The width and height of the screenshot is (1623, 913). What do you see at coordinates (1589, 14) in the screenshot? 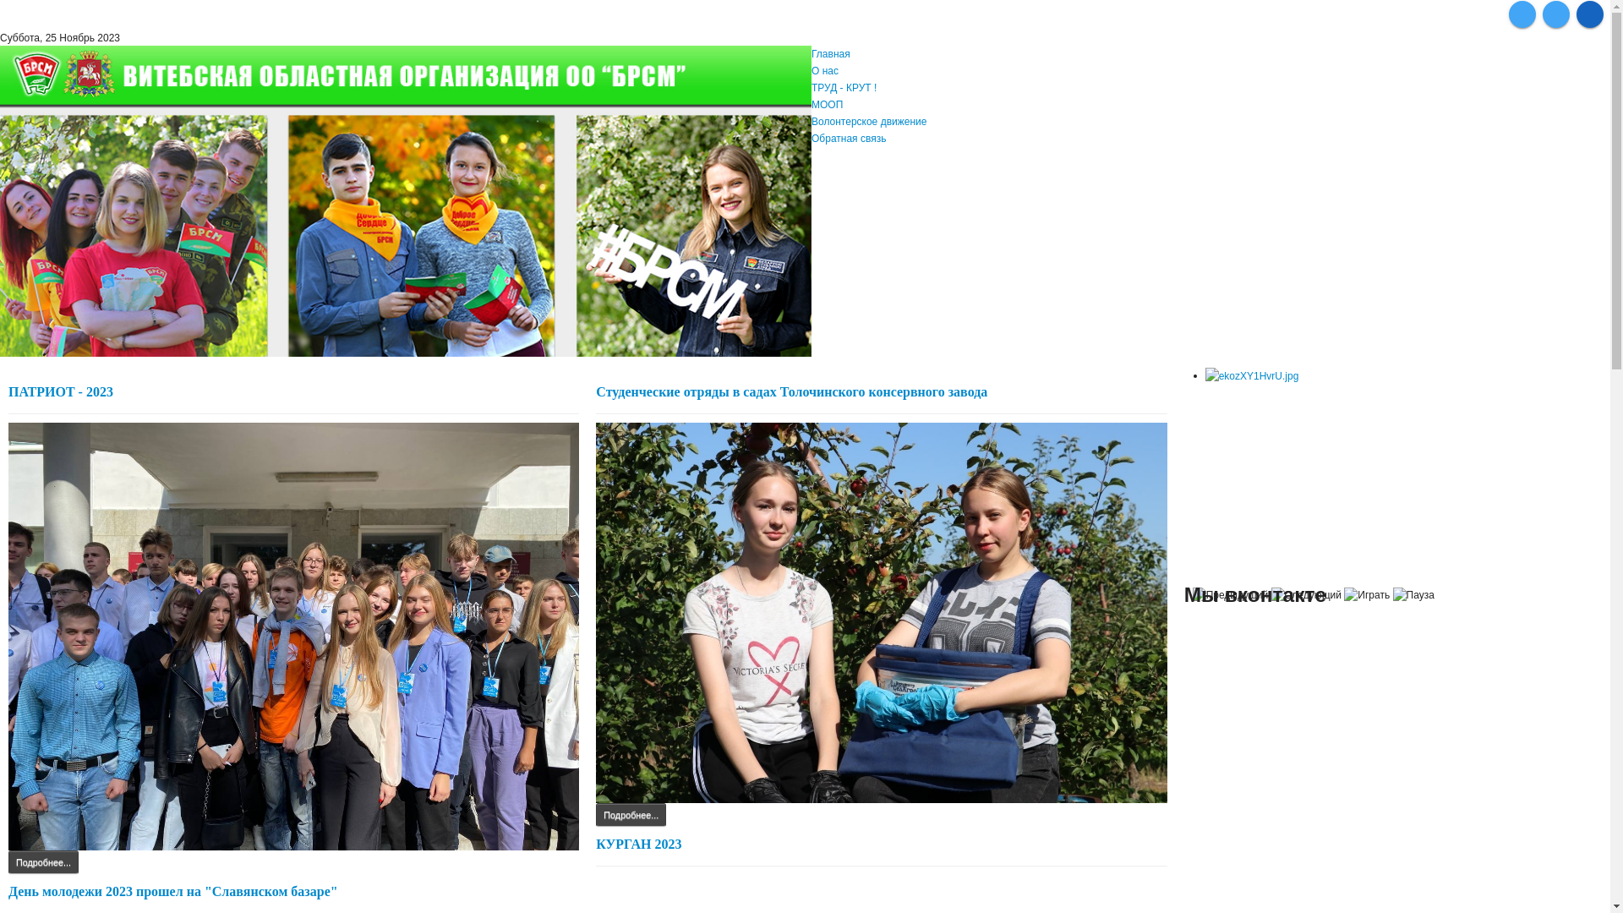
I see `'Facebook'` at bounding box center [1589, 14].